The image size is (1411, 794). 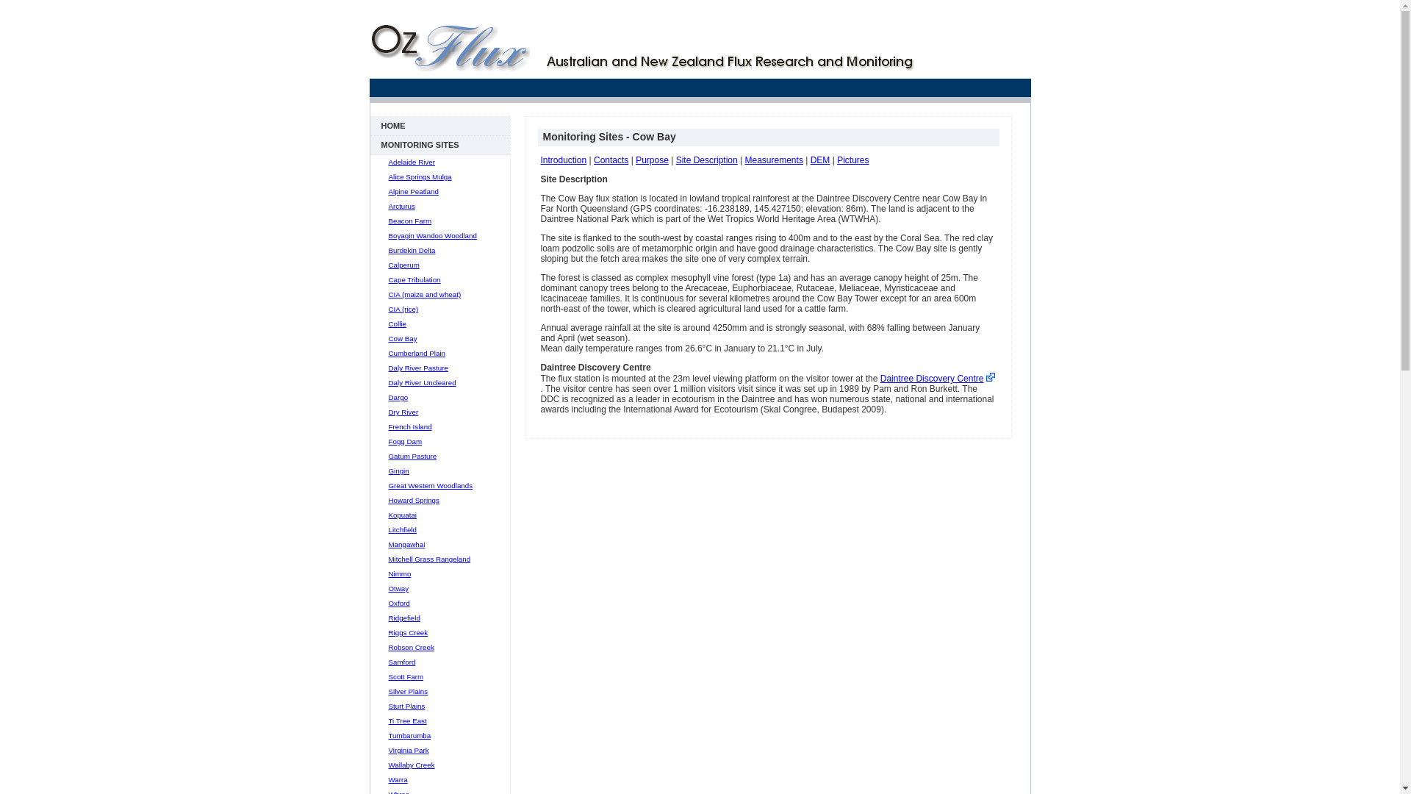 I want to click on 'Silver Plains', so click(x=408, y=691).